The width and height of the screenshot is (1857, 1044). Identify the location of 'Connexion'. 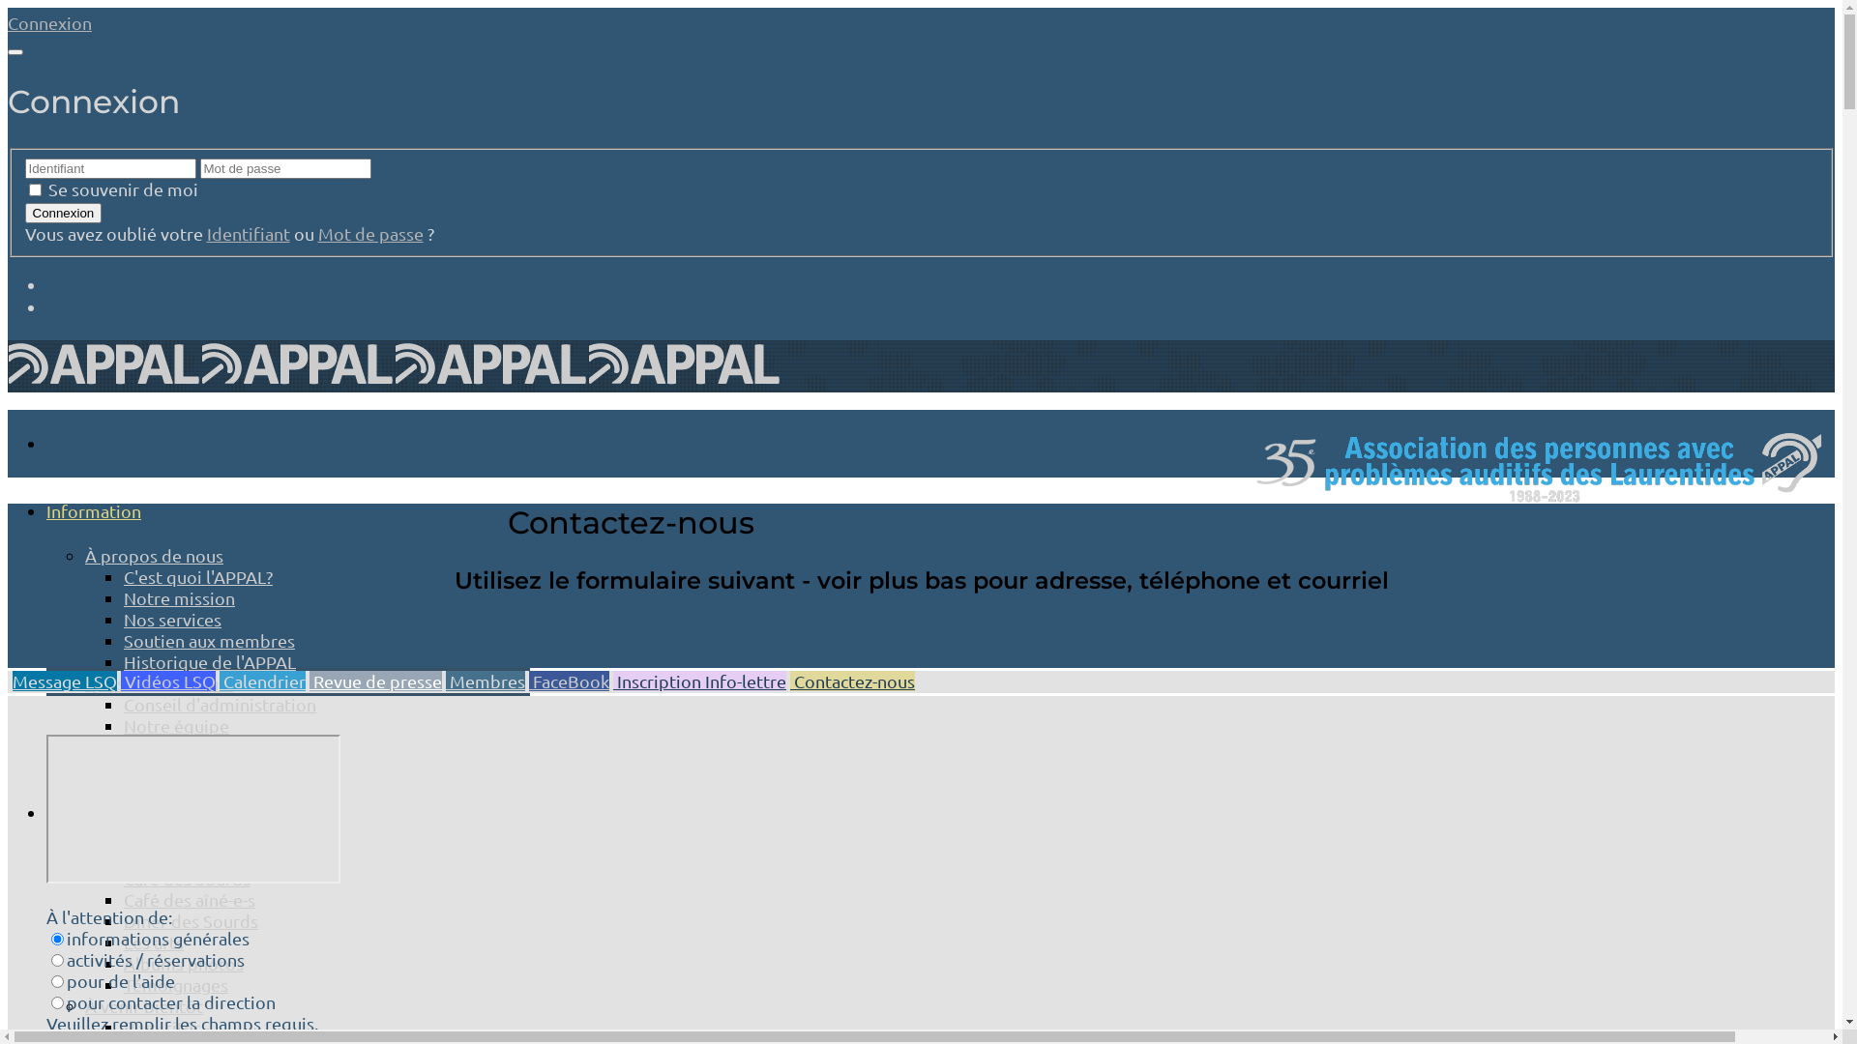
(49, 22).